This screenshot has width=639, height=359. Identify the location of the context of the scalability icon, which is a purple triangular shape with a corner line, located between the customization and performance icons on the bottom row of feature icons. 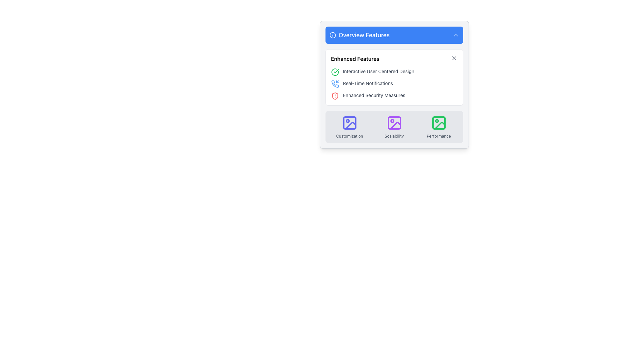
(395, 126).